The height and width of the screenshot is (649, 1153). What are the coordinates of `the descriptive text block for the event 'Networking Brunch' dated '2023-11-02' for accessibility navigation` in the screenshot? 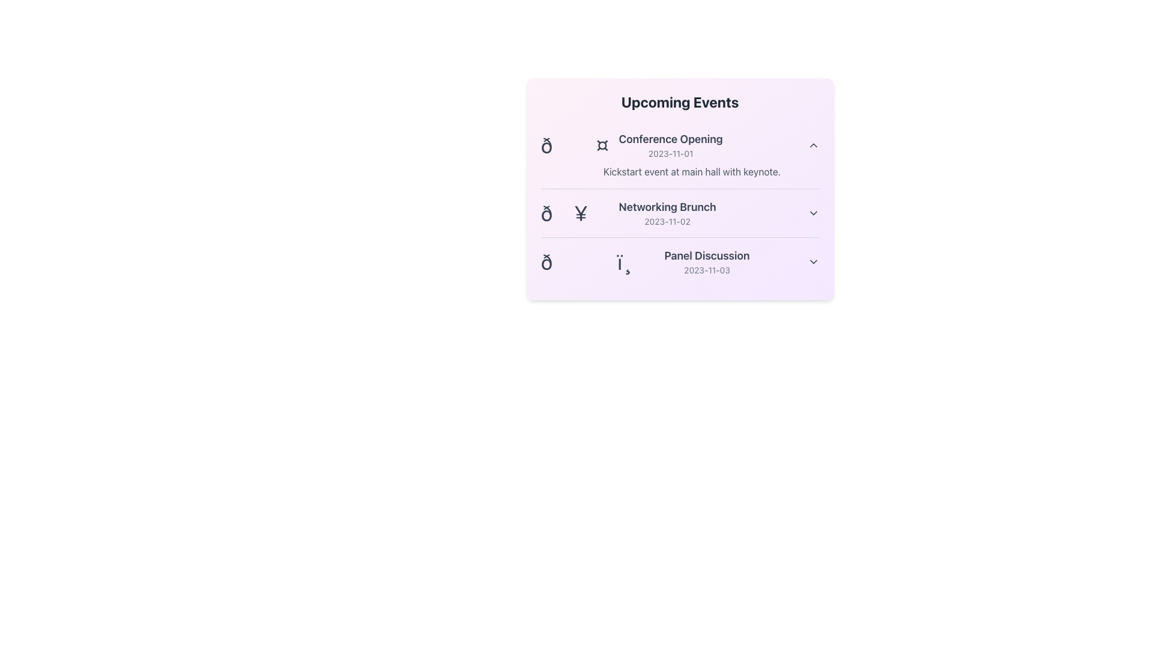 It's located at (628, 212).